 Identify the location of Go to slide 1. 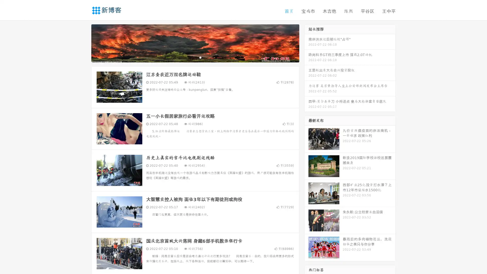
(190, 57).